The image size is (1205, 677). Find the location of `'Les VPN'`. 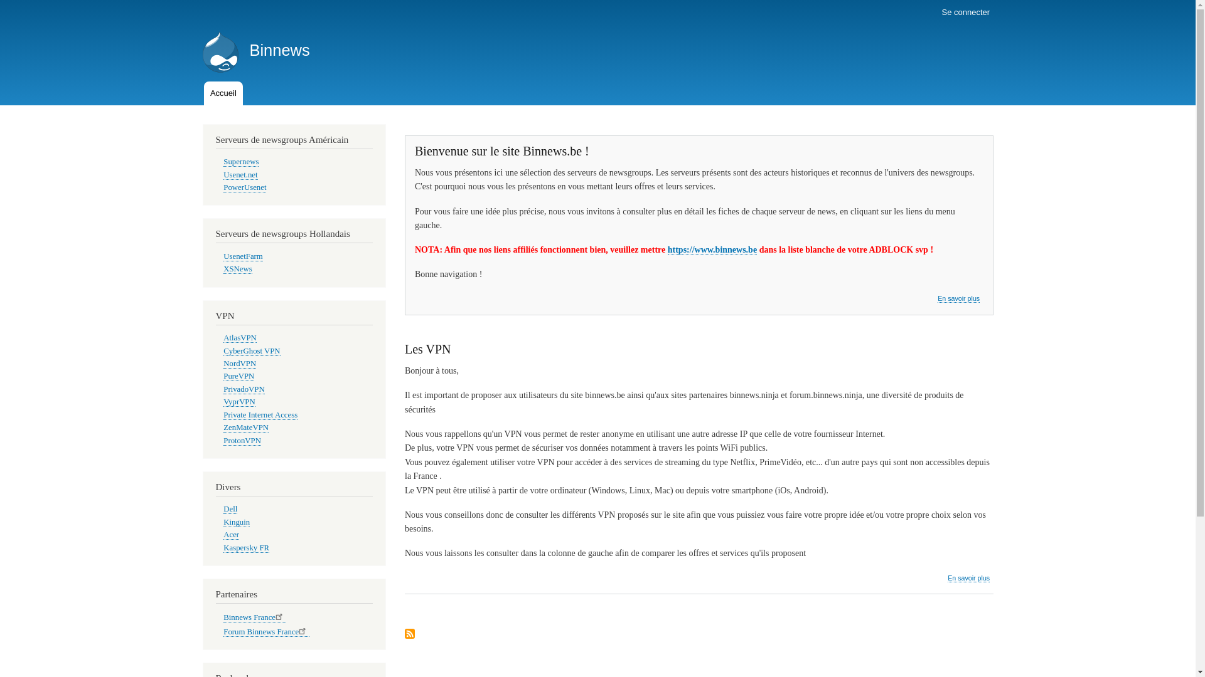

'Les VPN' is located at coordinates (427, 349).